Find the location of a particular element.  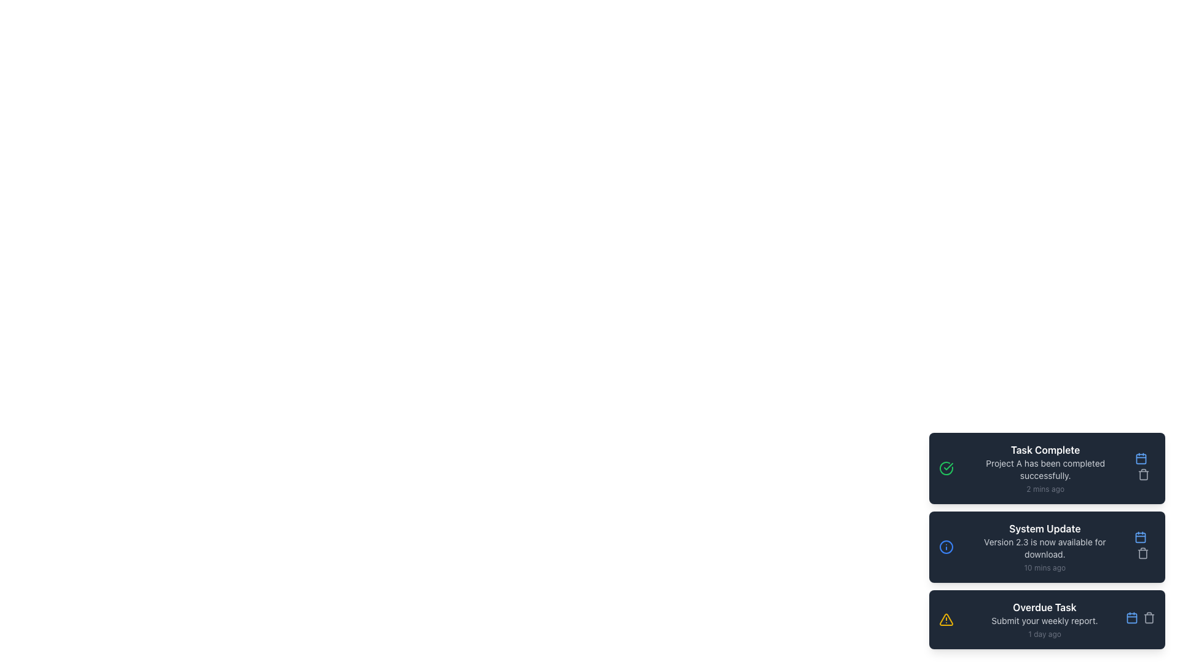

the trash bin icon button located in the 'System Update' notification card is located at coordinates (1140, 547).